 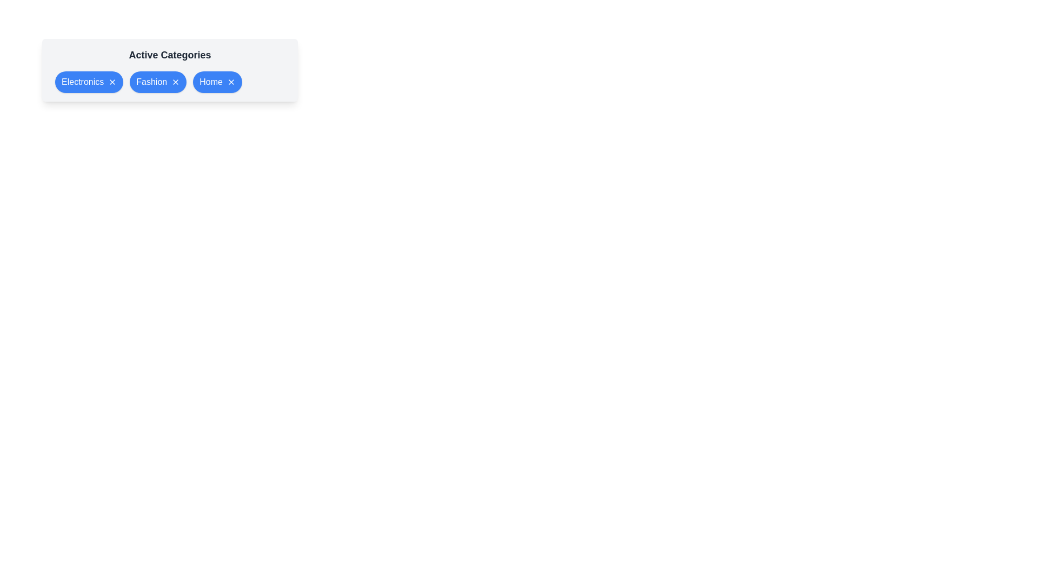 What do you see at coordinates (112, 81) in the screenshot?
I see `the 'X' button for the category Electronics` at bounding box center [112, 81].